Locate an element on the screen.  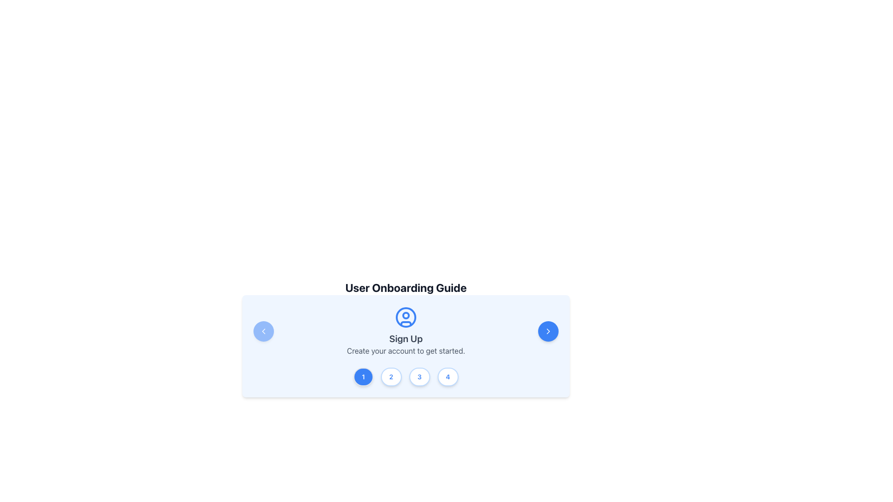
text in the Header Section that includes the heading 'Sign Up' and the subtext 'Create your account to get started.' is located at coordinates (406, 331).